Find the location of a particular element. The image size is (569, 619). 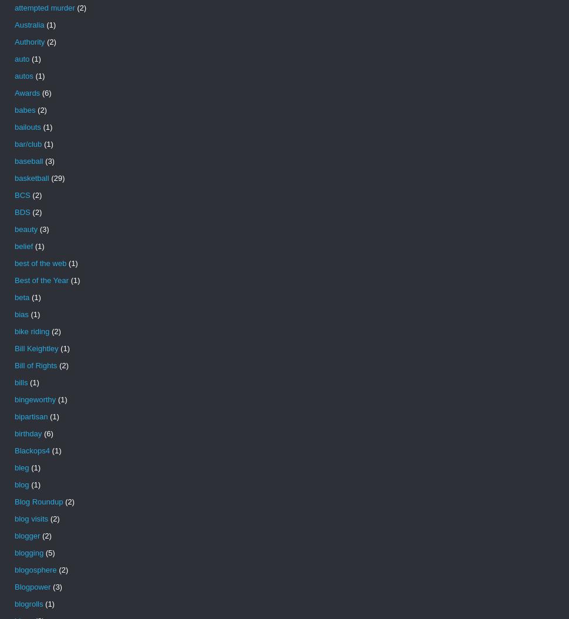

'beauty' is located at coordinates (14, 228).